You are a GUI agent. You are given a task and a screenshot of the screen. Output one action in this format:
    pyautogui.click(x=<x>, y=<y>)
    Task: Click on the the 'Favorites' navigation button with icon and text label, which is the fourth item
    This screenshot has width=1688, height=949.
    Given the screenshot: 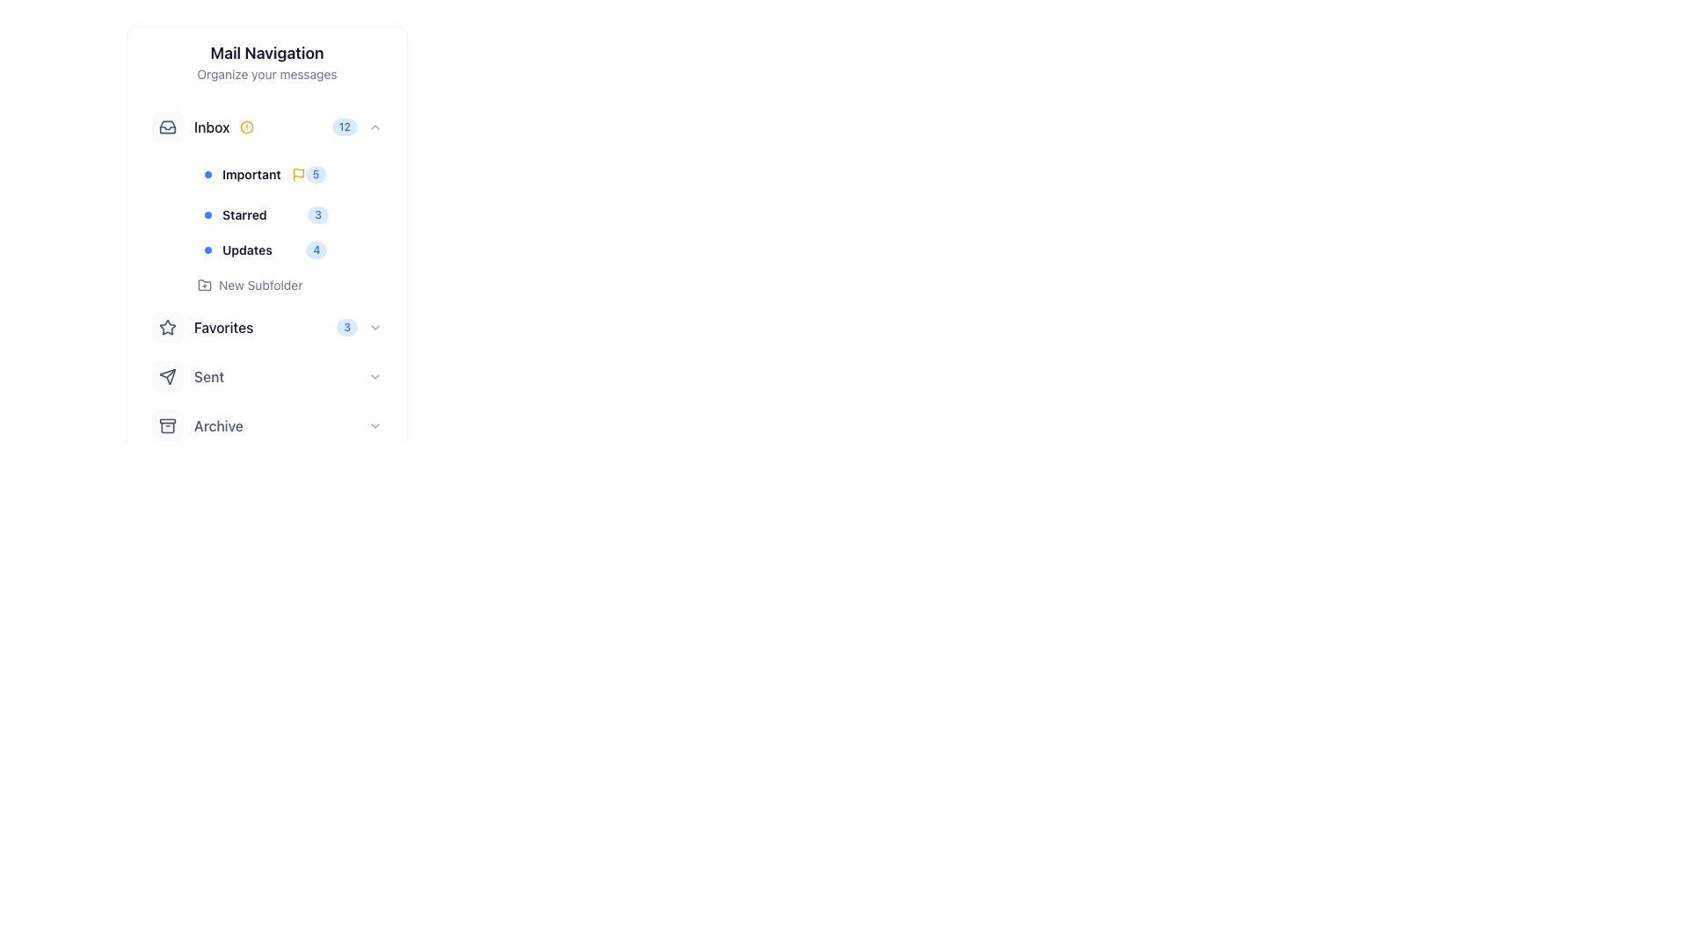 What is the action you would take?
    pyautogui.click(x=202, y=328)
    